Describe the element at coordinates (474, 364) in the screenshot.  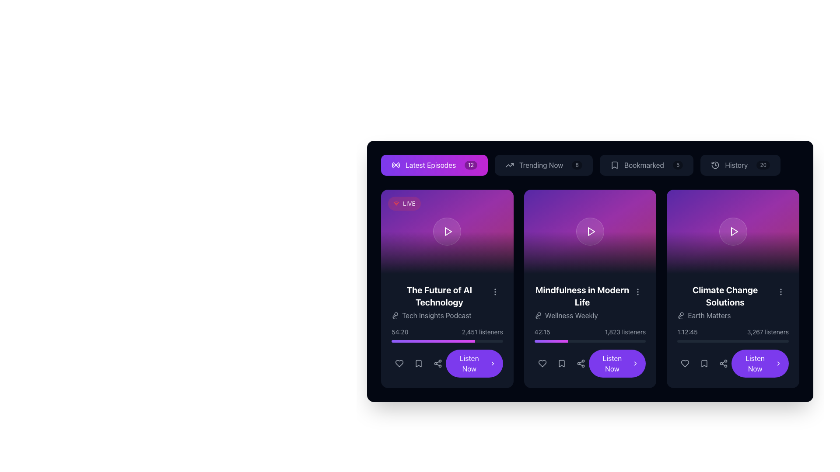
I see `the rounded violet button labeled 'Listen Now' located at the bottom right of the card titled 'The Future of AI Technology'` at that location.